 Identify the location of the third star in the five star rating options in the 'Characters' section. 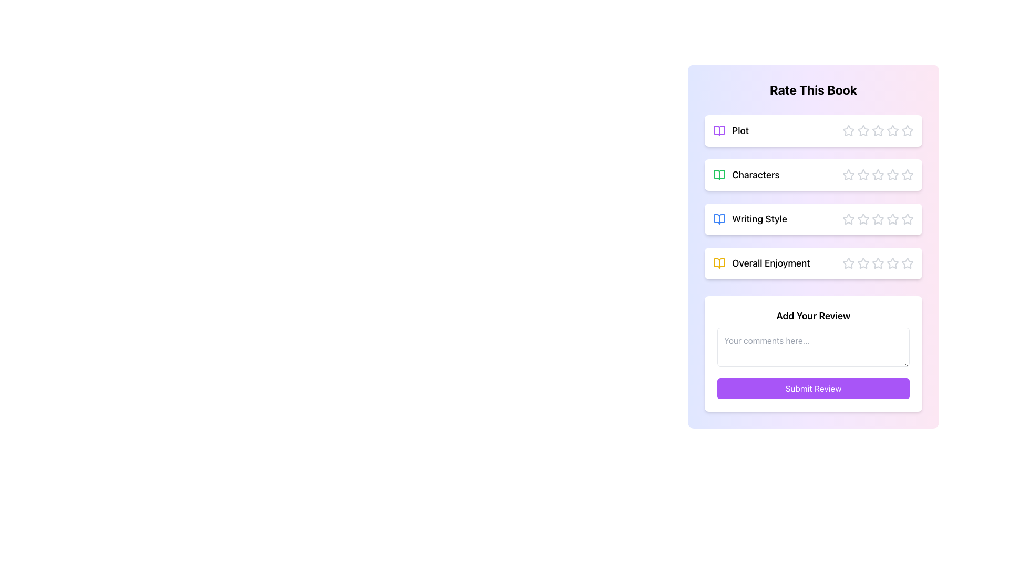
(878, 174).